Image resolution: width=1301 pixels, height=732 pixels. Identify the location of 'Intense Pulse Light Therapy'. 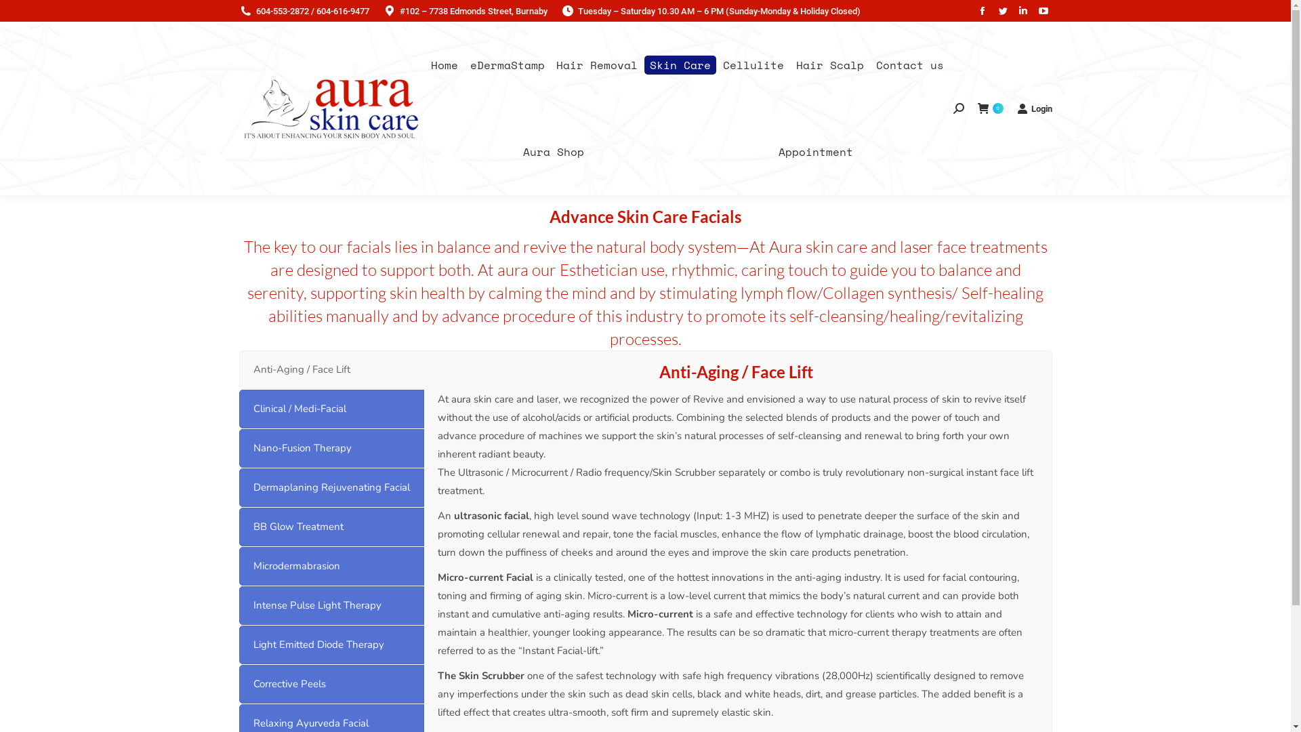
(331, 605).